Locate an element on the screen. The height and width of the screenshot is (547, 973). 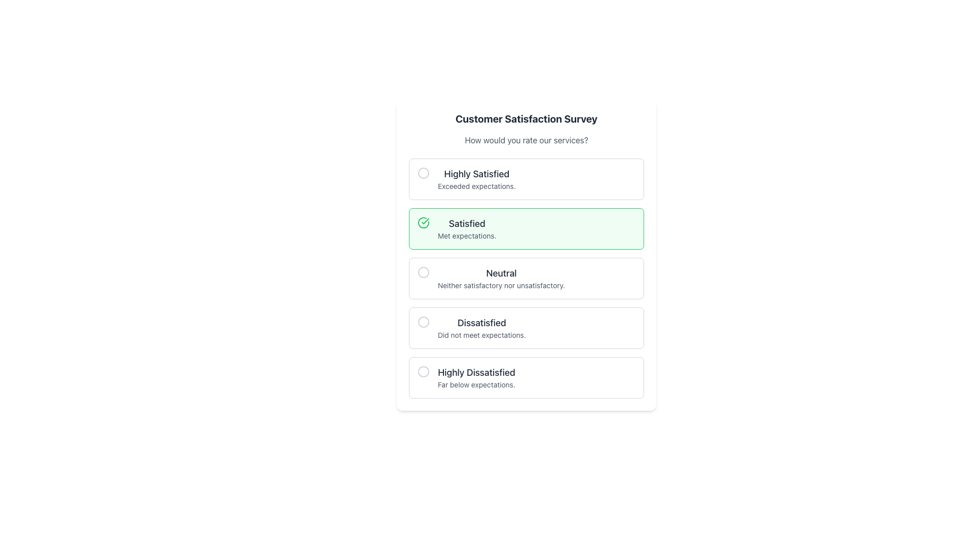
the text element displaying 'Dissatisfied' in bold and larger font, which is located below 'Neutral' and above 'Highly Dissatisfied' in the survey form is located at coordinates (481, 323).